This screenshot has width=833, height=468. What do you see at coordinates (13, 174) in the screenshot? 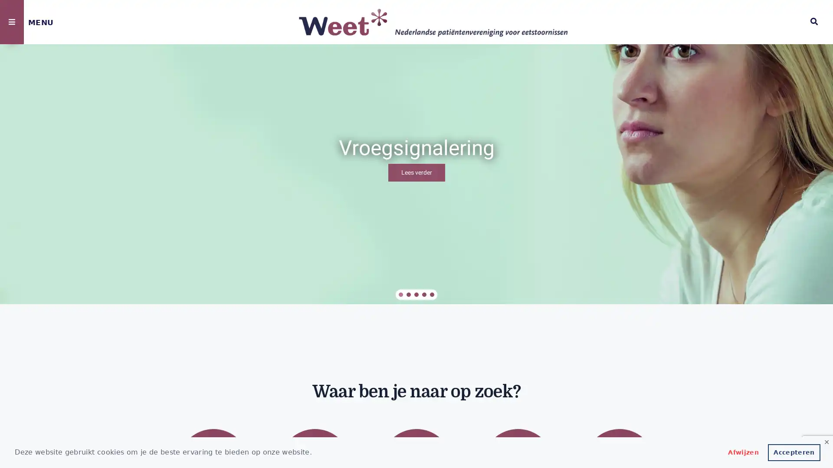
I see `previous arrow` at bounding box center [13, 174].